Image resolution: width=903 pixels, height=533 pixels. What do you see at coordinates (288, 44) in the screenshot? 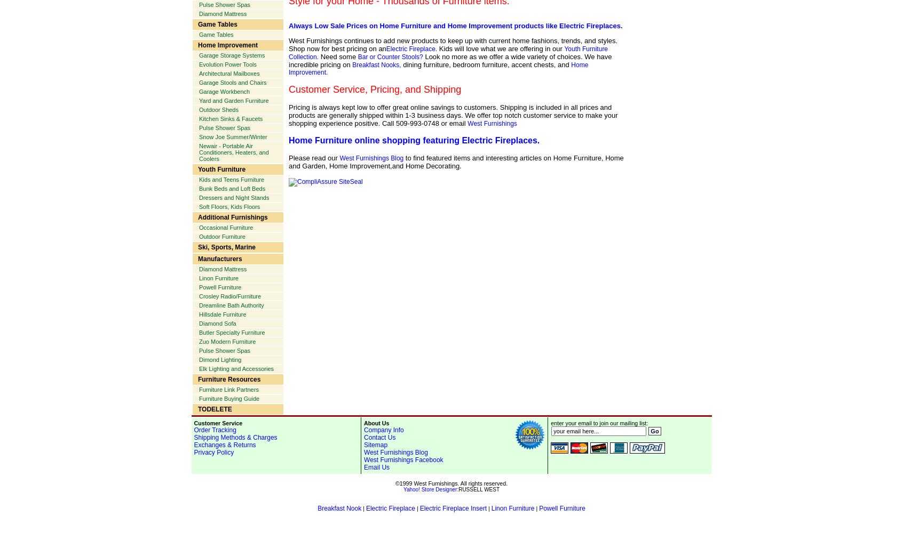
I see `'West Furnishings continues to add new products to keep up with current home fashions, trends, and styles. Shop now for best pricing on an'` at bounding box center [288, 44].